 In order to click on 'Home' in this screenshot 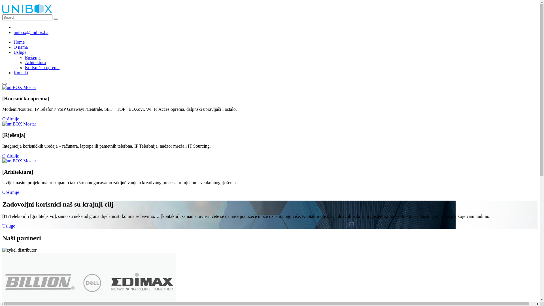, I will do `click(19, 42)`.